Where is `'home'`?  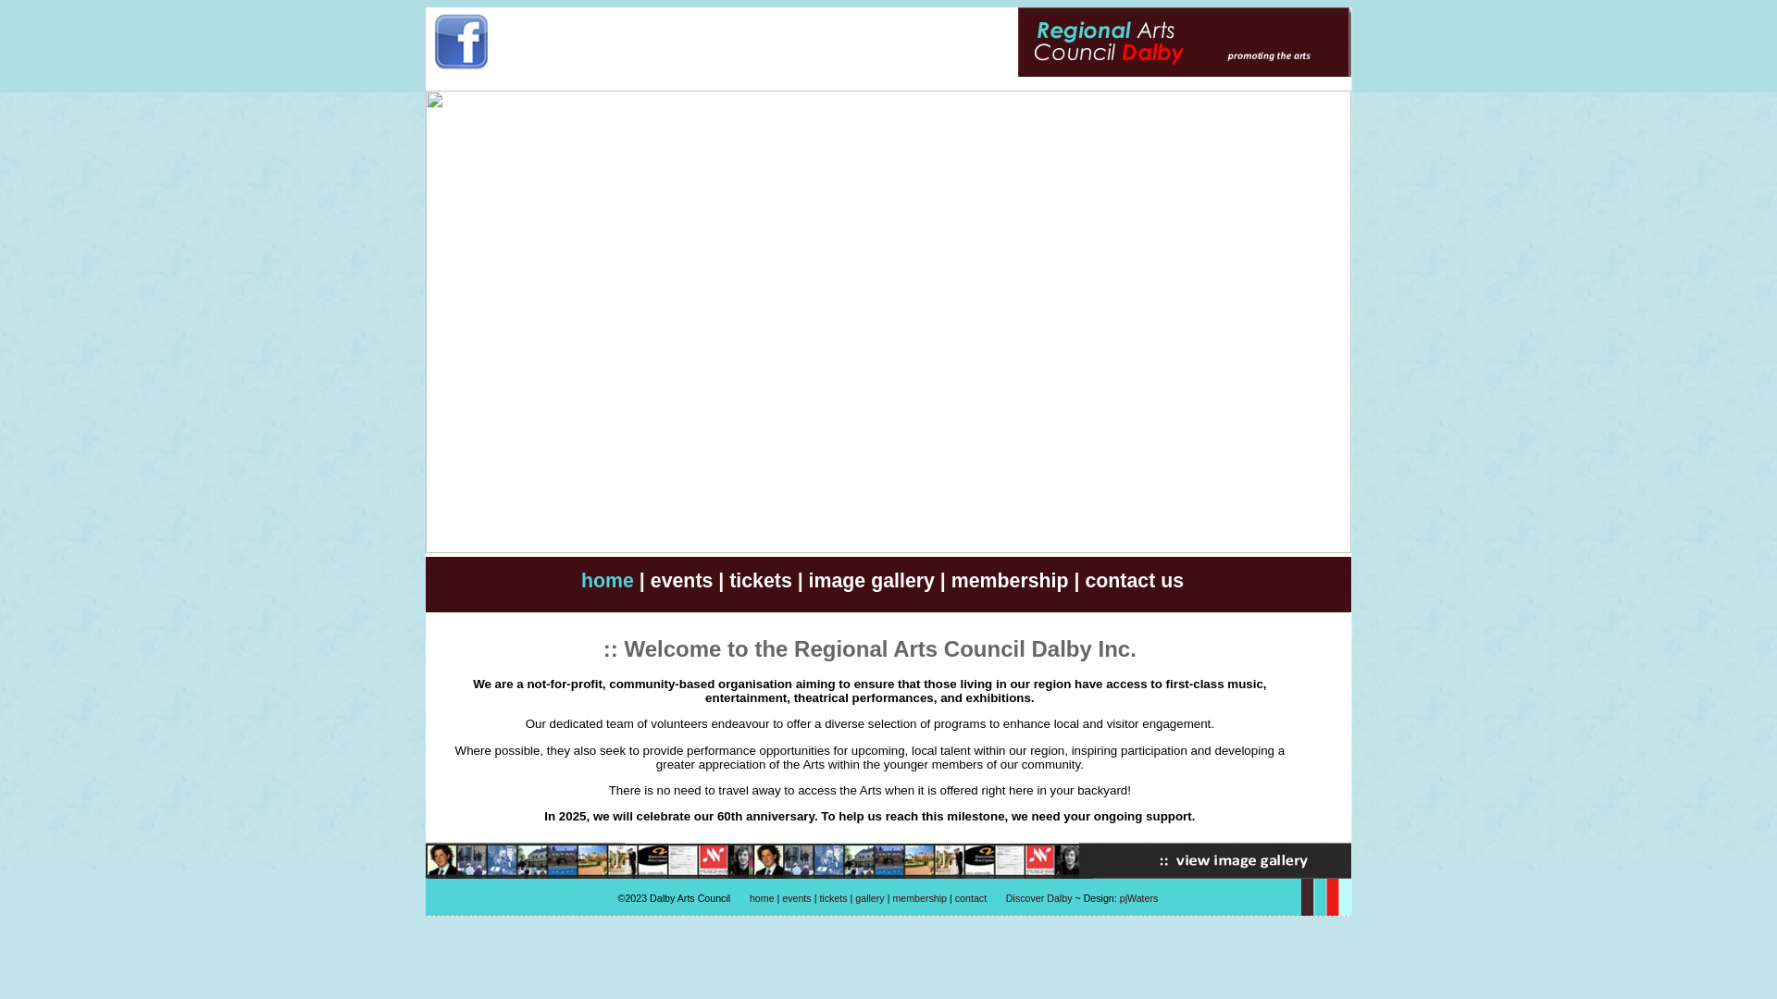
'home' is located at coordinates (607, 580).